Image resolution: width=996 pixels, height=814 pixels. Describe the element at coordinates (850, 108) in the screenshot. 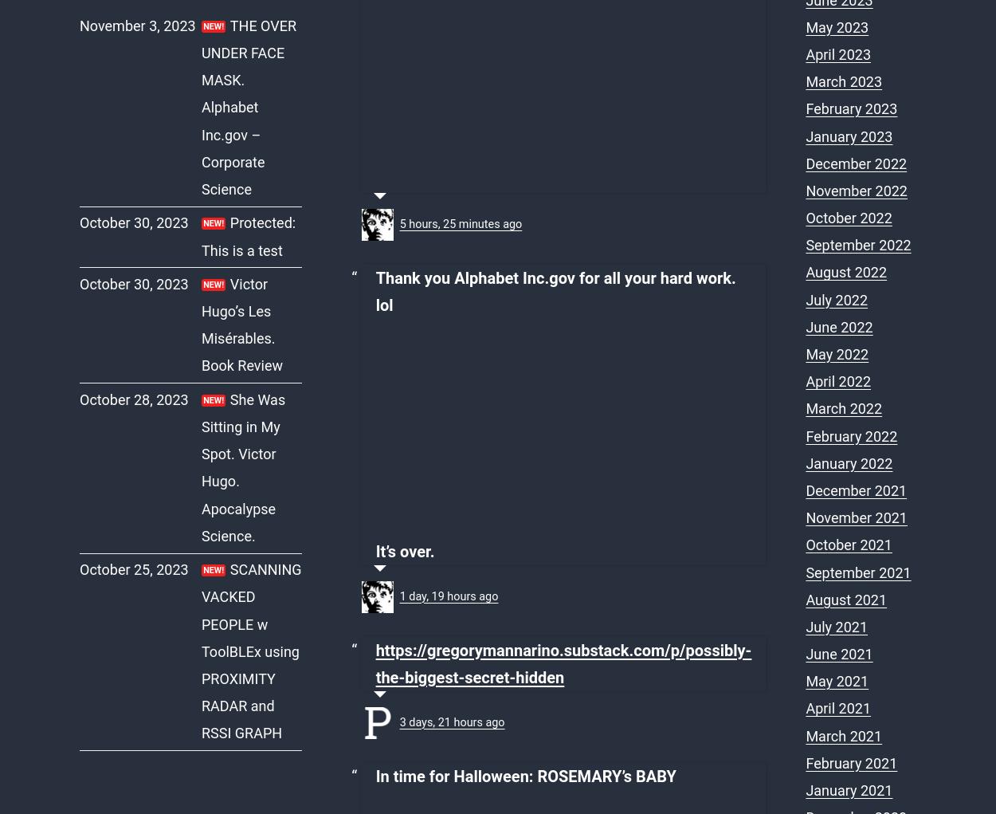

I see `'February 2023'` at that location.